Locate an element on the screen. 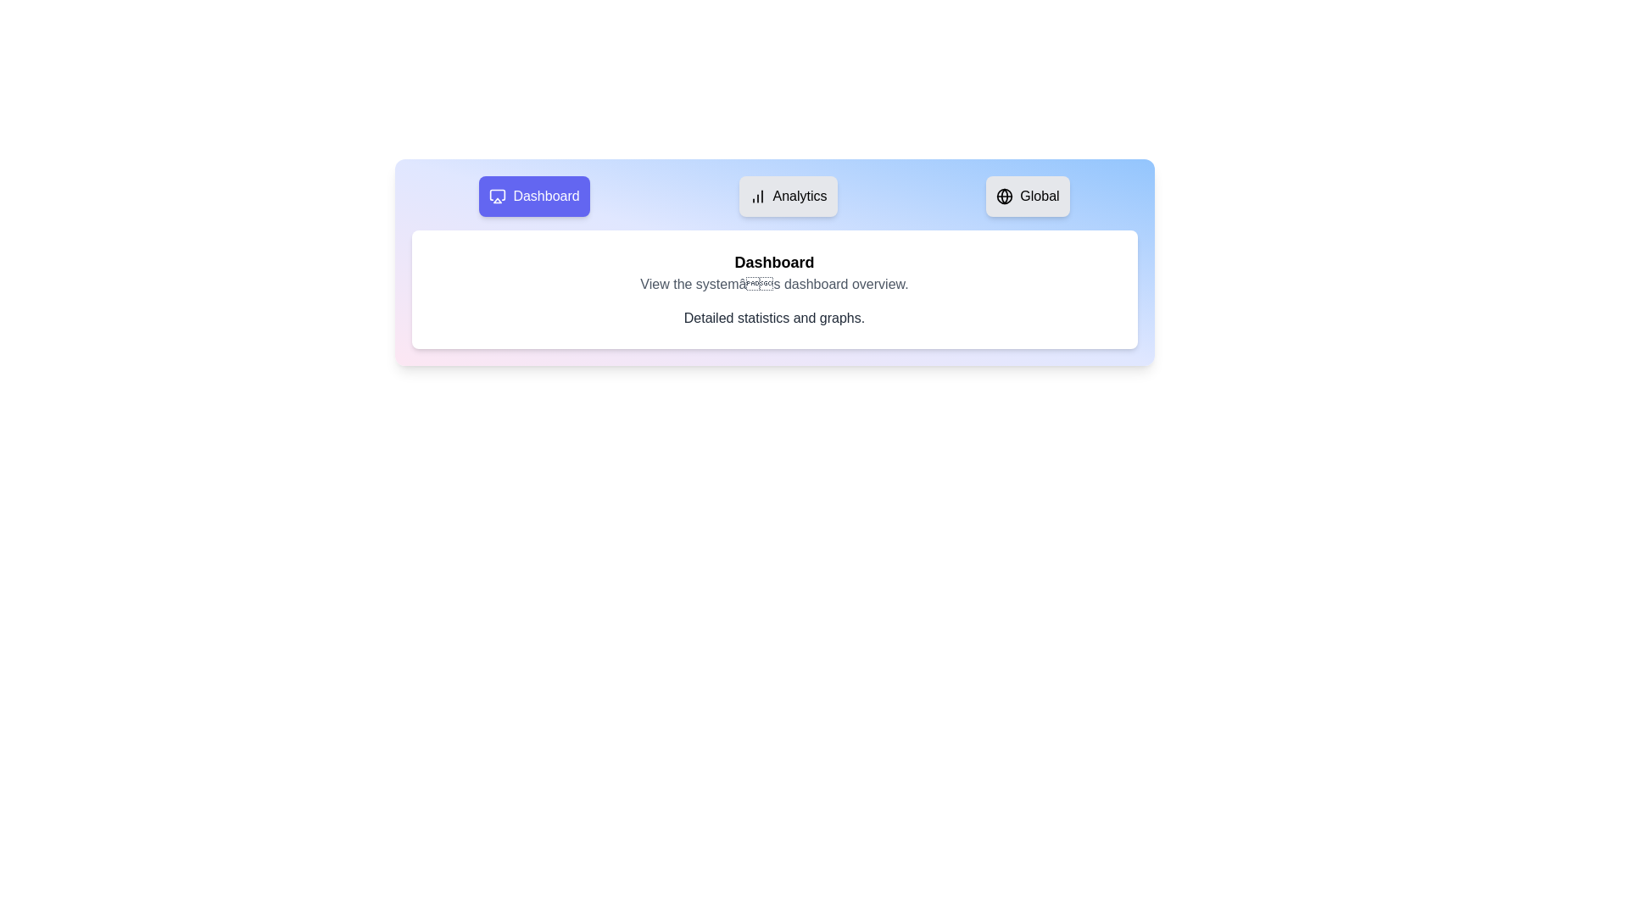 This screenshot has width=1628, height=915. the Dashboard tab is located at coordinates (533, 195).